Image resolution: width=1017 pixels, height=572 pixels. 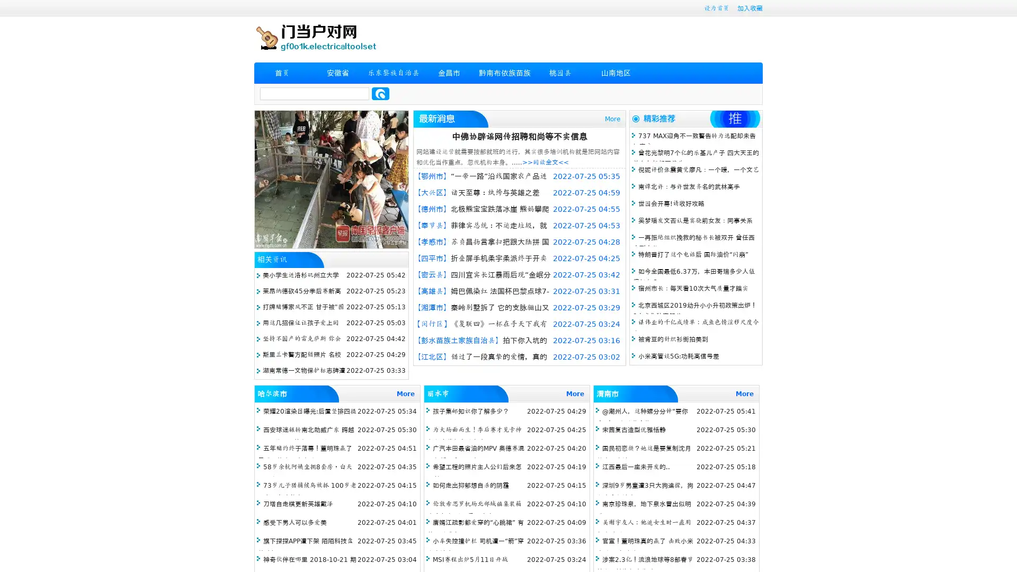 I want to click on Search, so click(x=380, y=93).